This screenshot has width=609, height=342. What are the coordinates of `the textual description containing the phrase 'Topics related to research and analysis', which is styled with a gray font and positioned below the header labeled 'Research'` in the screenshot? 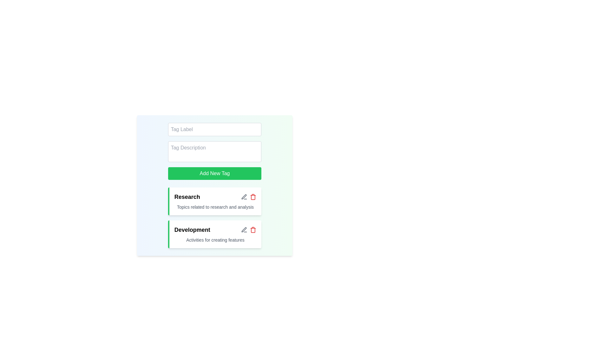 It's located at (215, 207).